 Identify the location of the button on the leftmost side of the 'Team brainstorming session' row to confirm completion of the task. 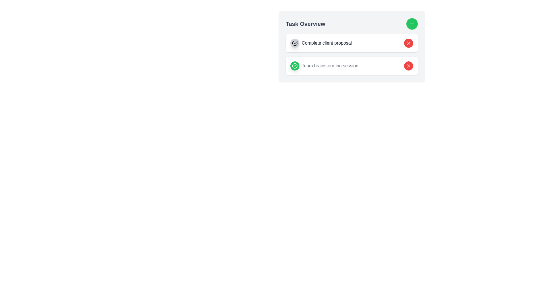
(295, 65).